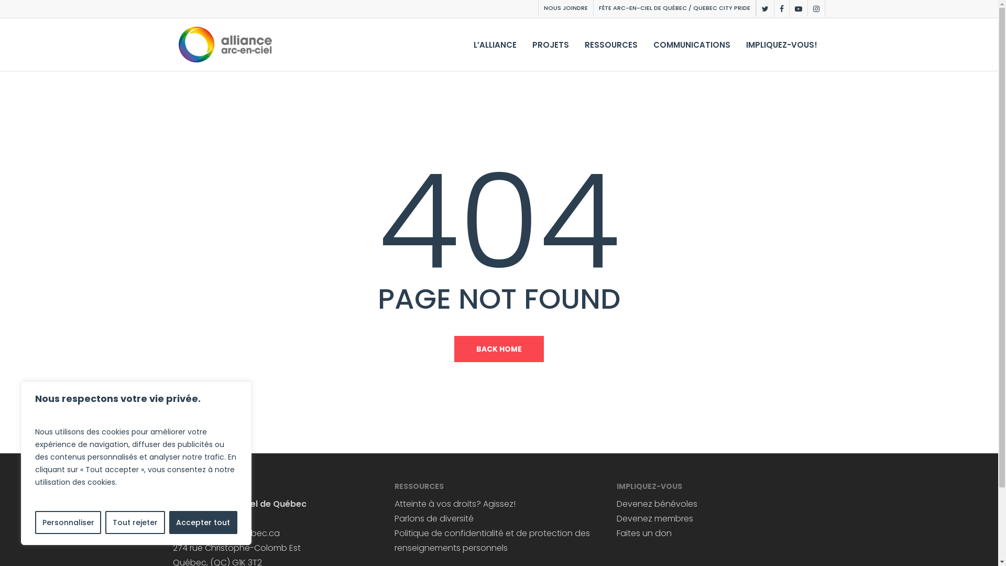 This screenshot has height=566, width=1006. Describe the element at coordinates (226, 533) in the screenshot. I see `'info@arcencielquebec.ca'` at that location.